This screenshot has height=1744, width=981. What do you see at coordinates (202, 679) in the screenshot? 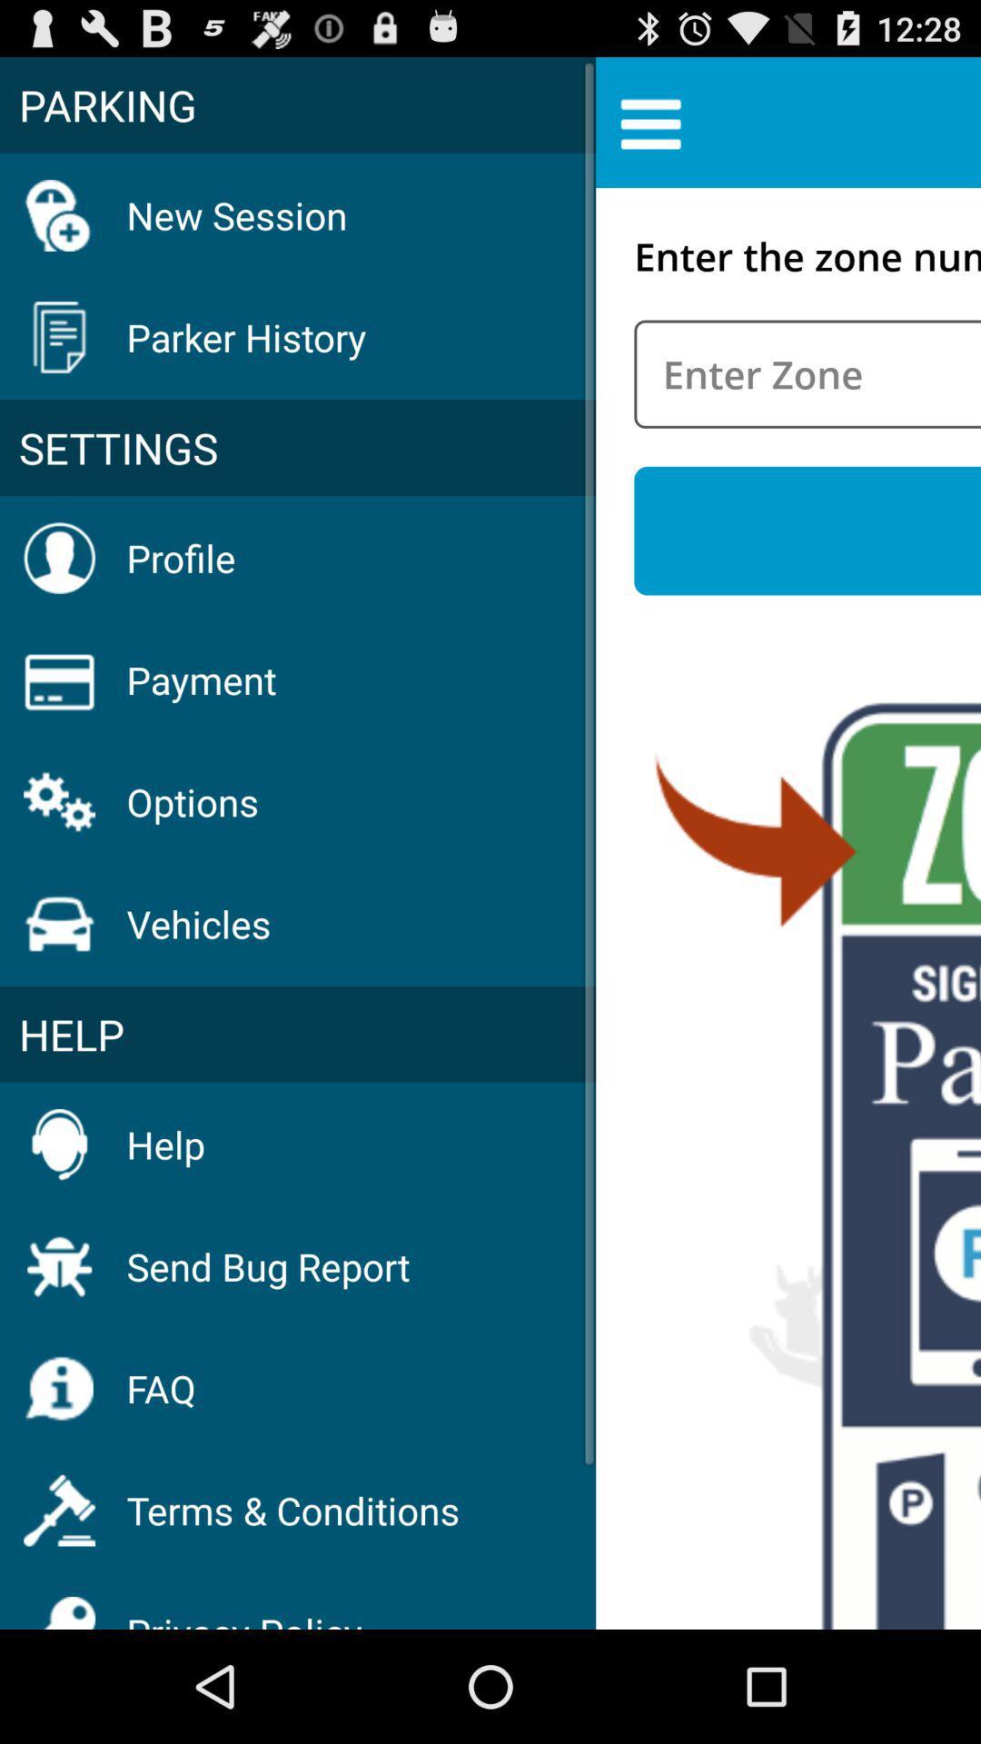
I see `payment icon` at bounding box center [202, 679].